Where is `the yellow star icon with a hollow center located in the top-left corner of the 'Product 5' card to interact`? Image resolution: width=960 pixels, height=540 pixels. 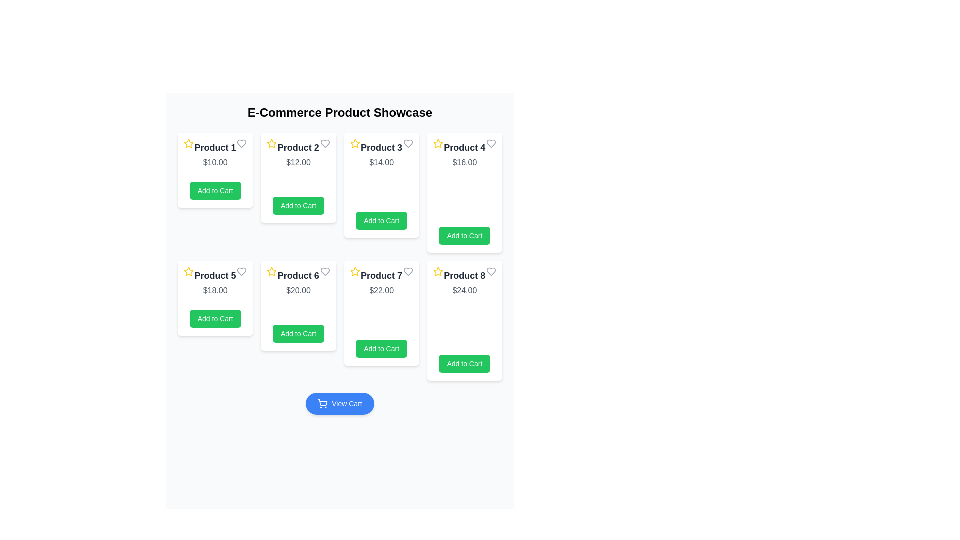 the yellow star icon with a hollow center located in the top-left corner of the 'Product 5' card to interact is located at coordinates (189, 271).